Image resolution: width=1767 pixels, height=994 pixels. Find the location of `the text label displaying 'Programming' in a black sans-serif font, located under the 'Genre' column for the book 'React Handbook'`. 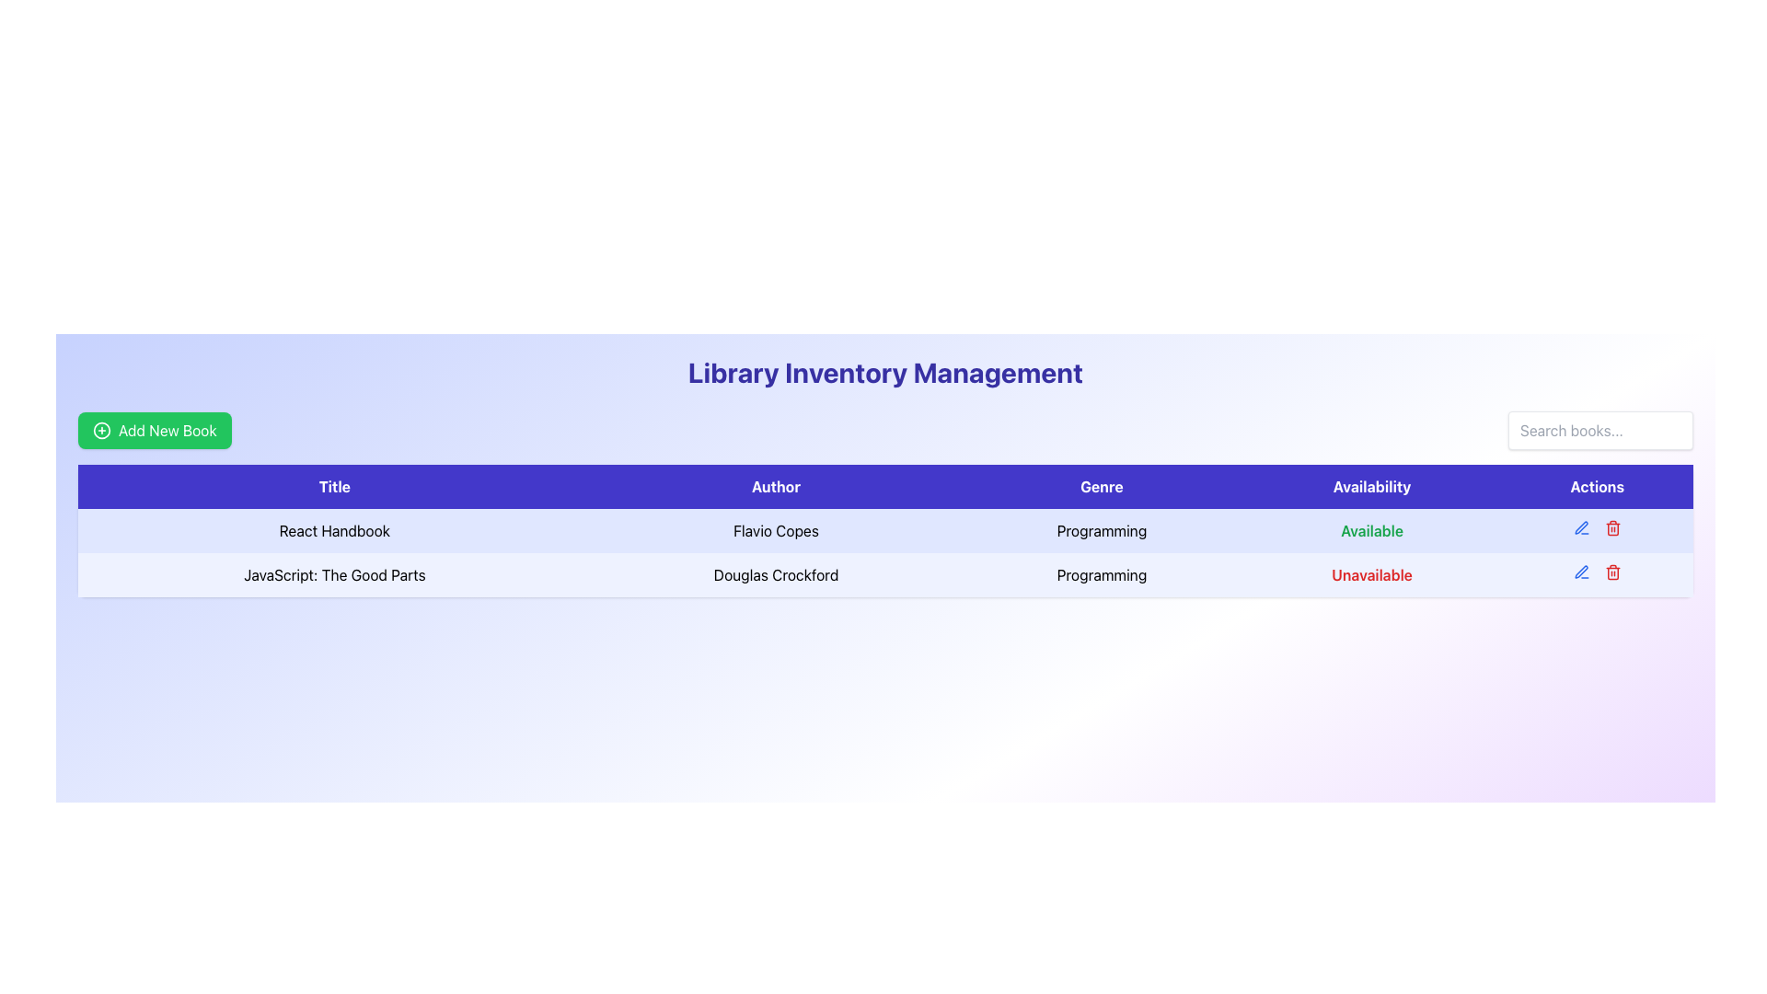

the text label displaying 'Programming' in a black sans-serif font, located under the 'Genre' column for the book 'React Handbook' is located at coordinates (1102, 531).